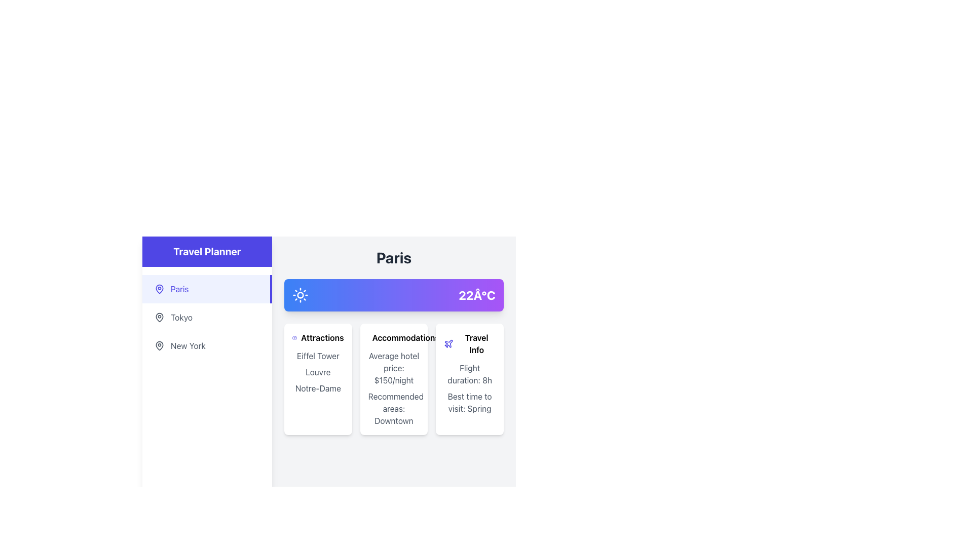 The width and height of the screenshot is (973, 547). What do you see at coordinates (393, 295) in the screenshot?
I see `temperature information displayed as '22°C' in bold and large font on the far right of the horizontally arranged bar with a gradient background` at bounding box center [393, 295].